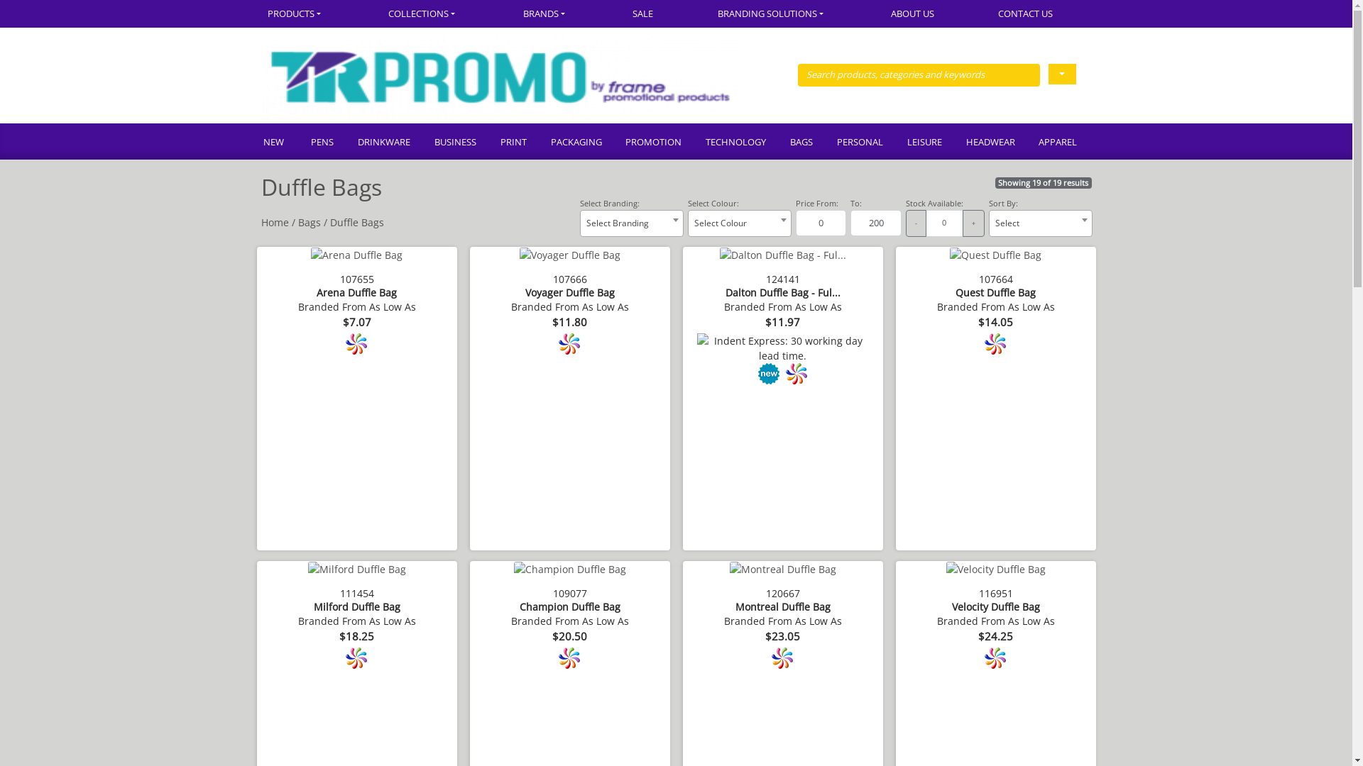 The height and width of the screenshot is (766, 1363). Describe the element at coordinates (275, 222) in the screenshot. I see `'Home'` at that location.